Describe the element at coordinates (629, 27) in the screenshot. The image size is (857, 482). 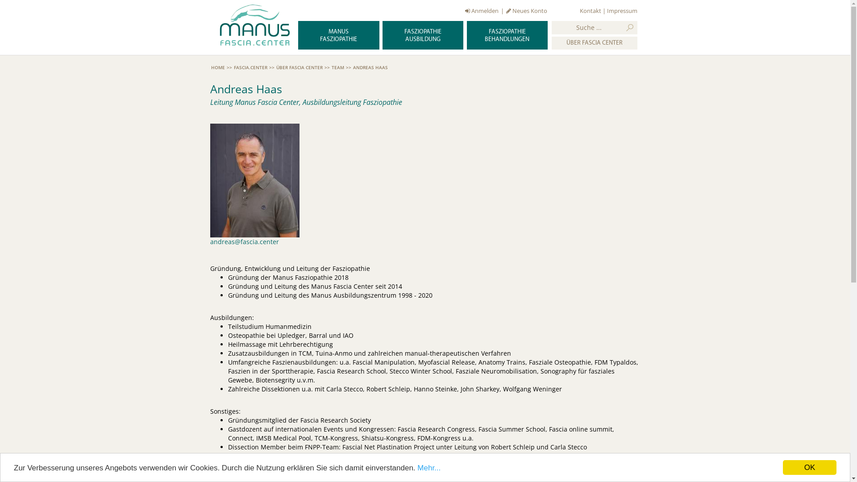
I see `'Suchen'` at that location.